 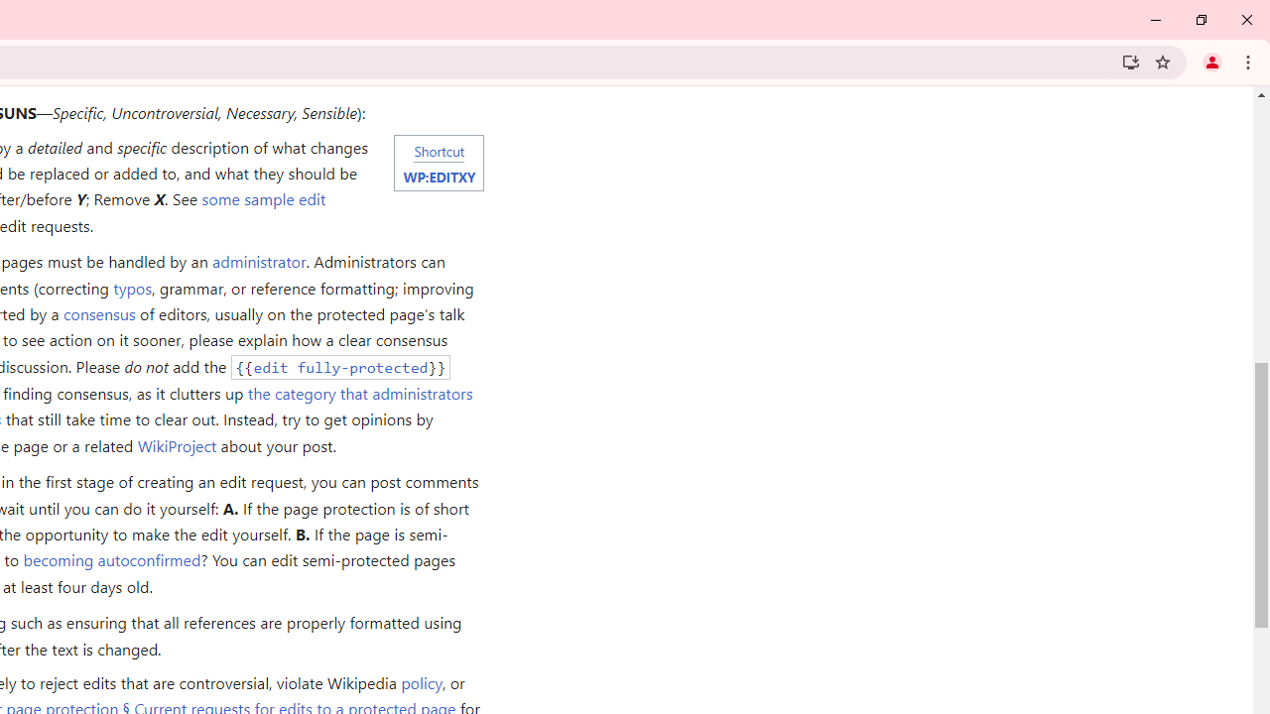 What do you see at coordinates (1156, 20) in the screenshot?
I see `'Minimize'` at bounding box center [1156, 20].